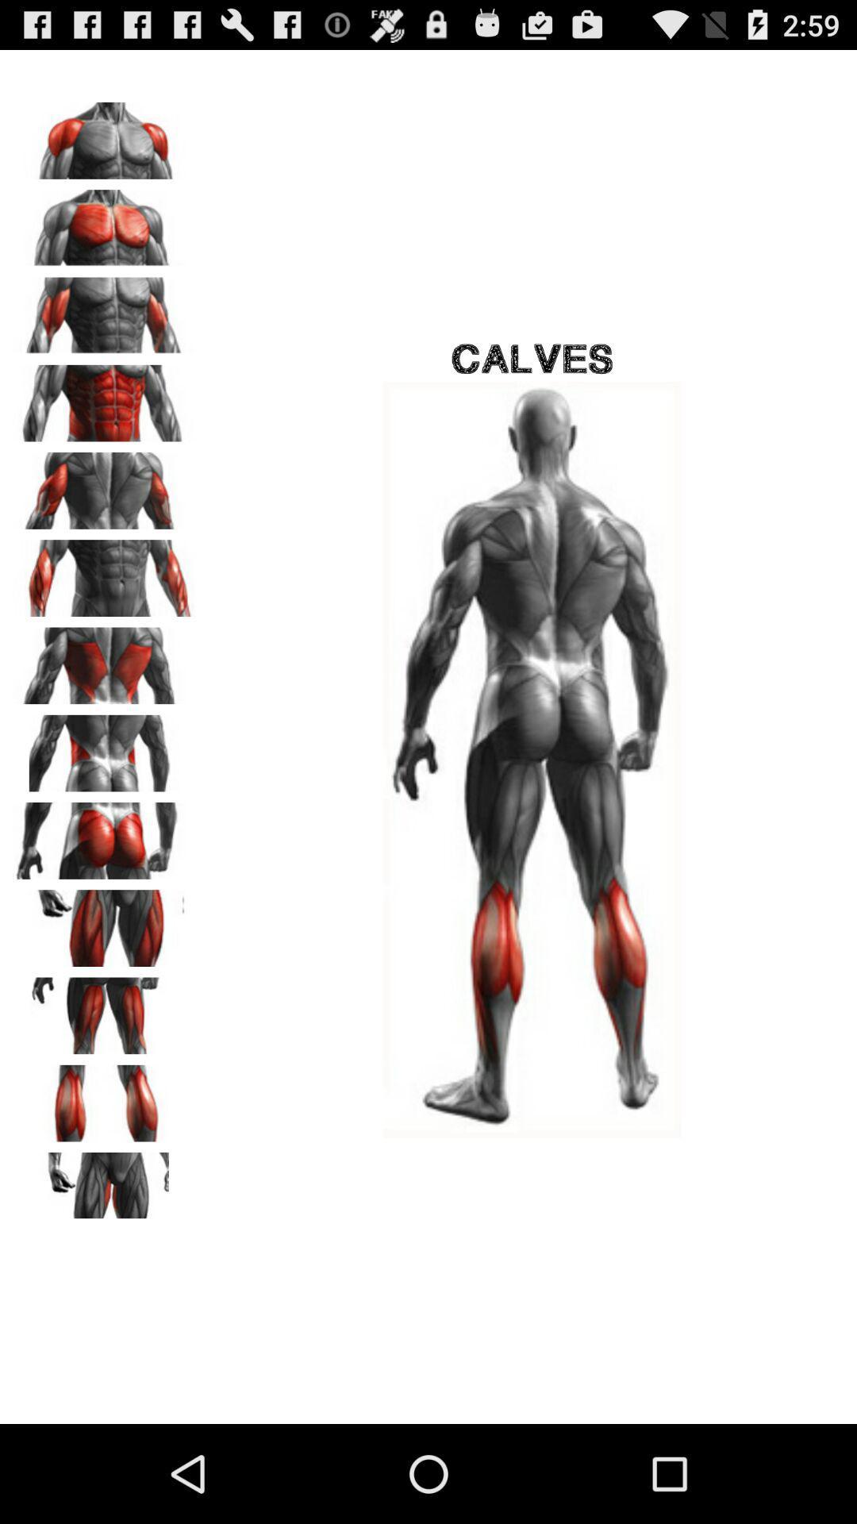 The width and height of the screenshot is (857, 1524). What do you see at coordinates (104, 571) in the screenshot?
I see `body exercise` at bounding box center [104, 571].